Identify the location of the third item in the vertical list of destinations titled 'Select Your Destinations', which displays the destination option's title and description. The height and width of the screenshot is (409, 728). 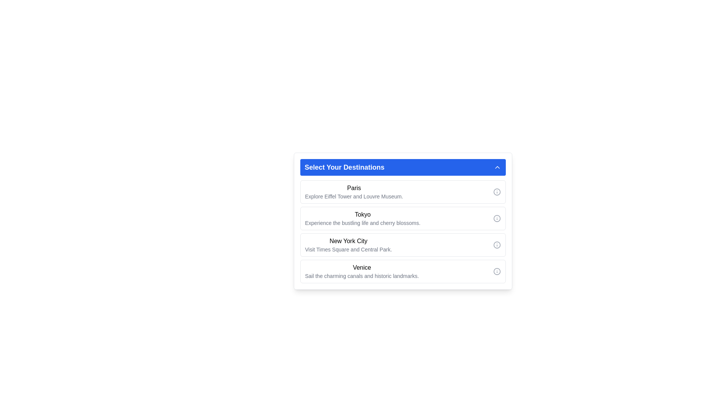
(348, 245).